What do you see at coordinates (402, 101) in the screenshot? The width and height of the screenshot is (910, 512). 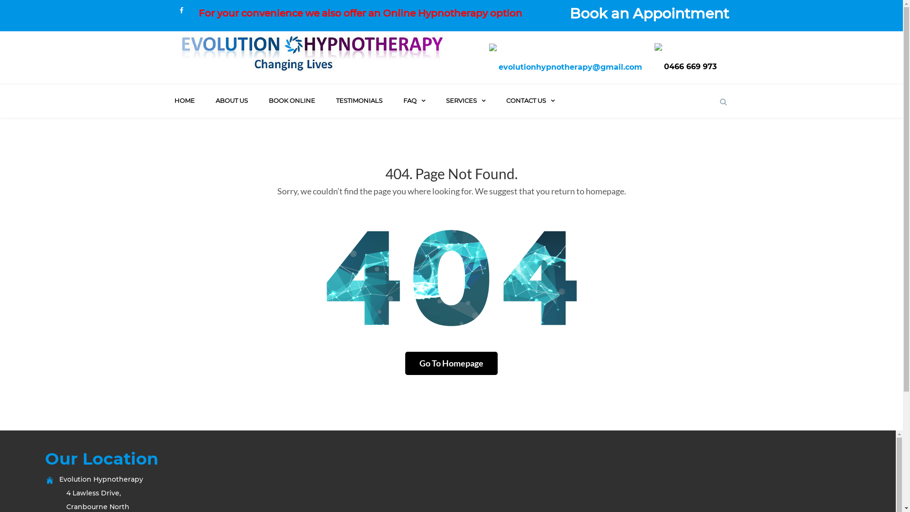 I see `'FAQ'` at bounding box center [402, 101].